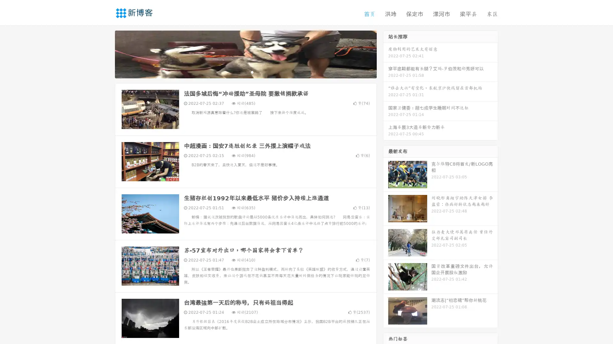  Describe the element at coordinates (239, 72) in the screenshot. I see `Go to slide 1` at that location.